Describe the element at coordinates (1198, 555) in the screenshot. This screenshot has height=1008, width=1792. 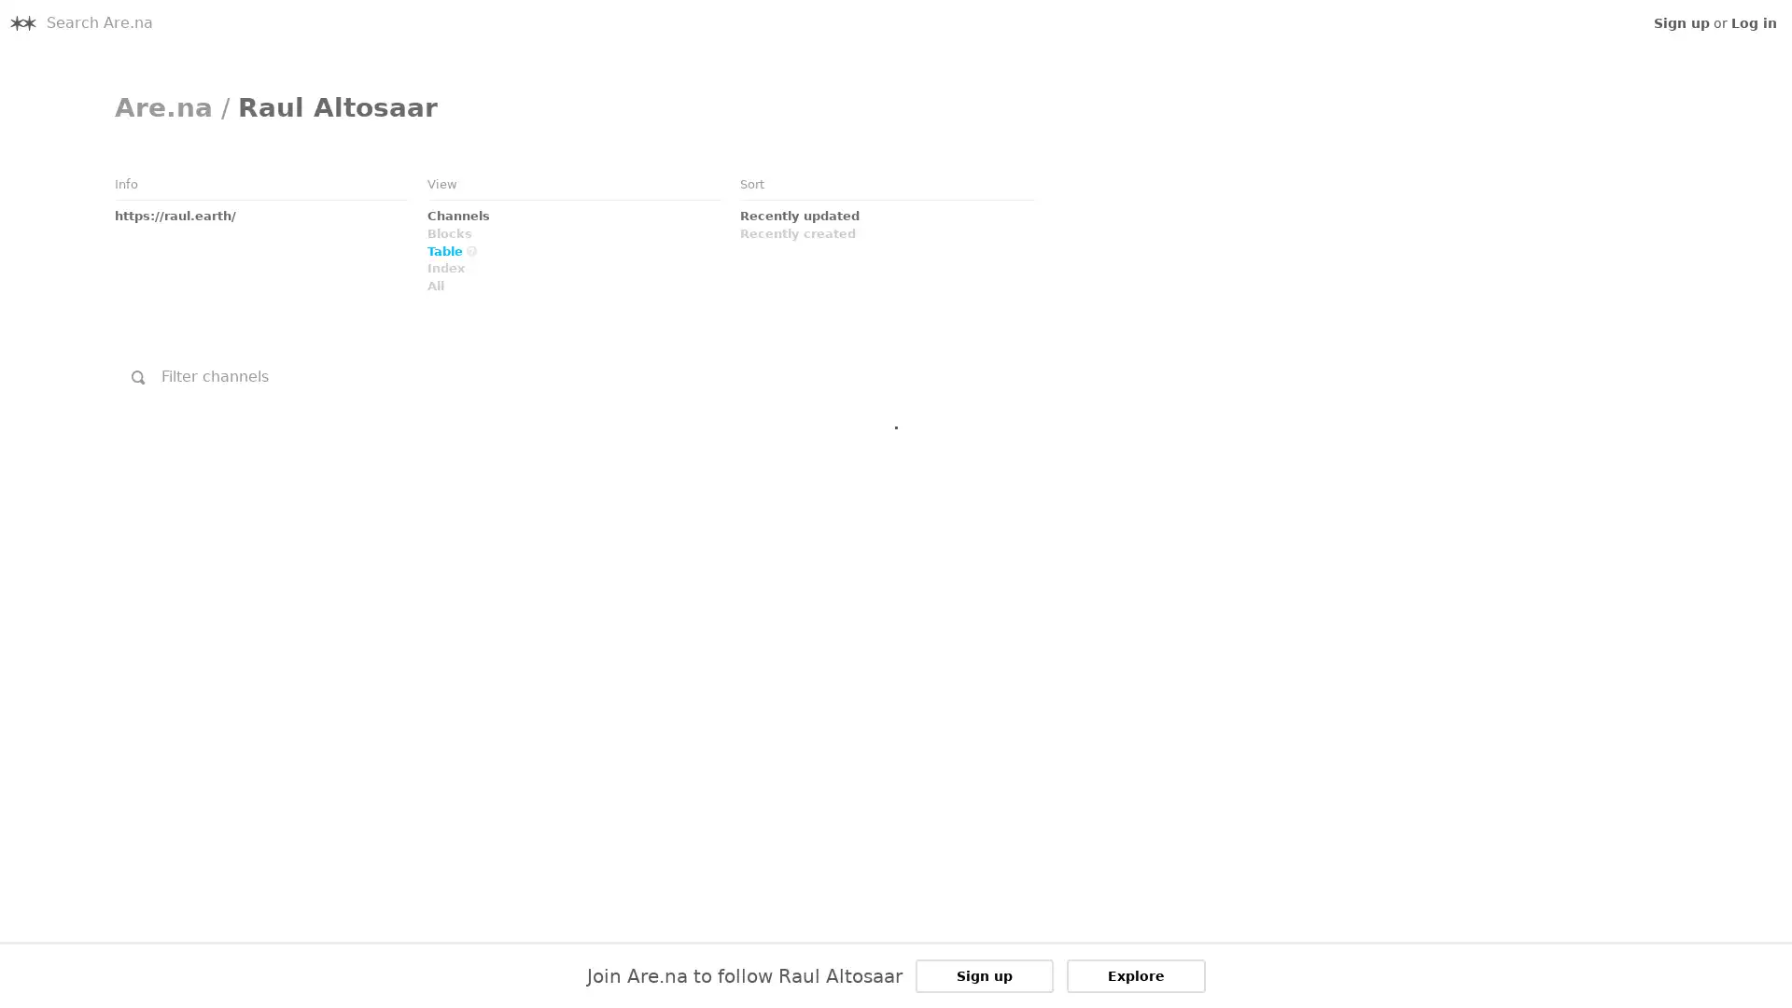
I see `Link to Embed: TAMIO SHIRAISHI &amp; CAMMISA BUERHAUS Performance inside Satsop Nuclear Towers 2/1/2016` at that location.